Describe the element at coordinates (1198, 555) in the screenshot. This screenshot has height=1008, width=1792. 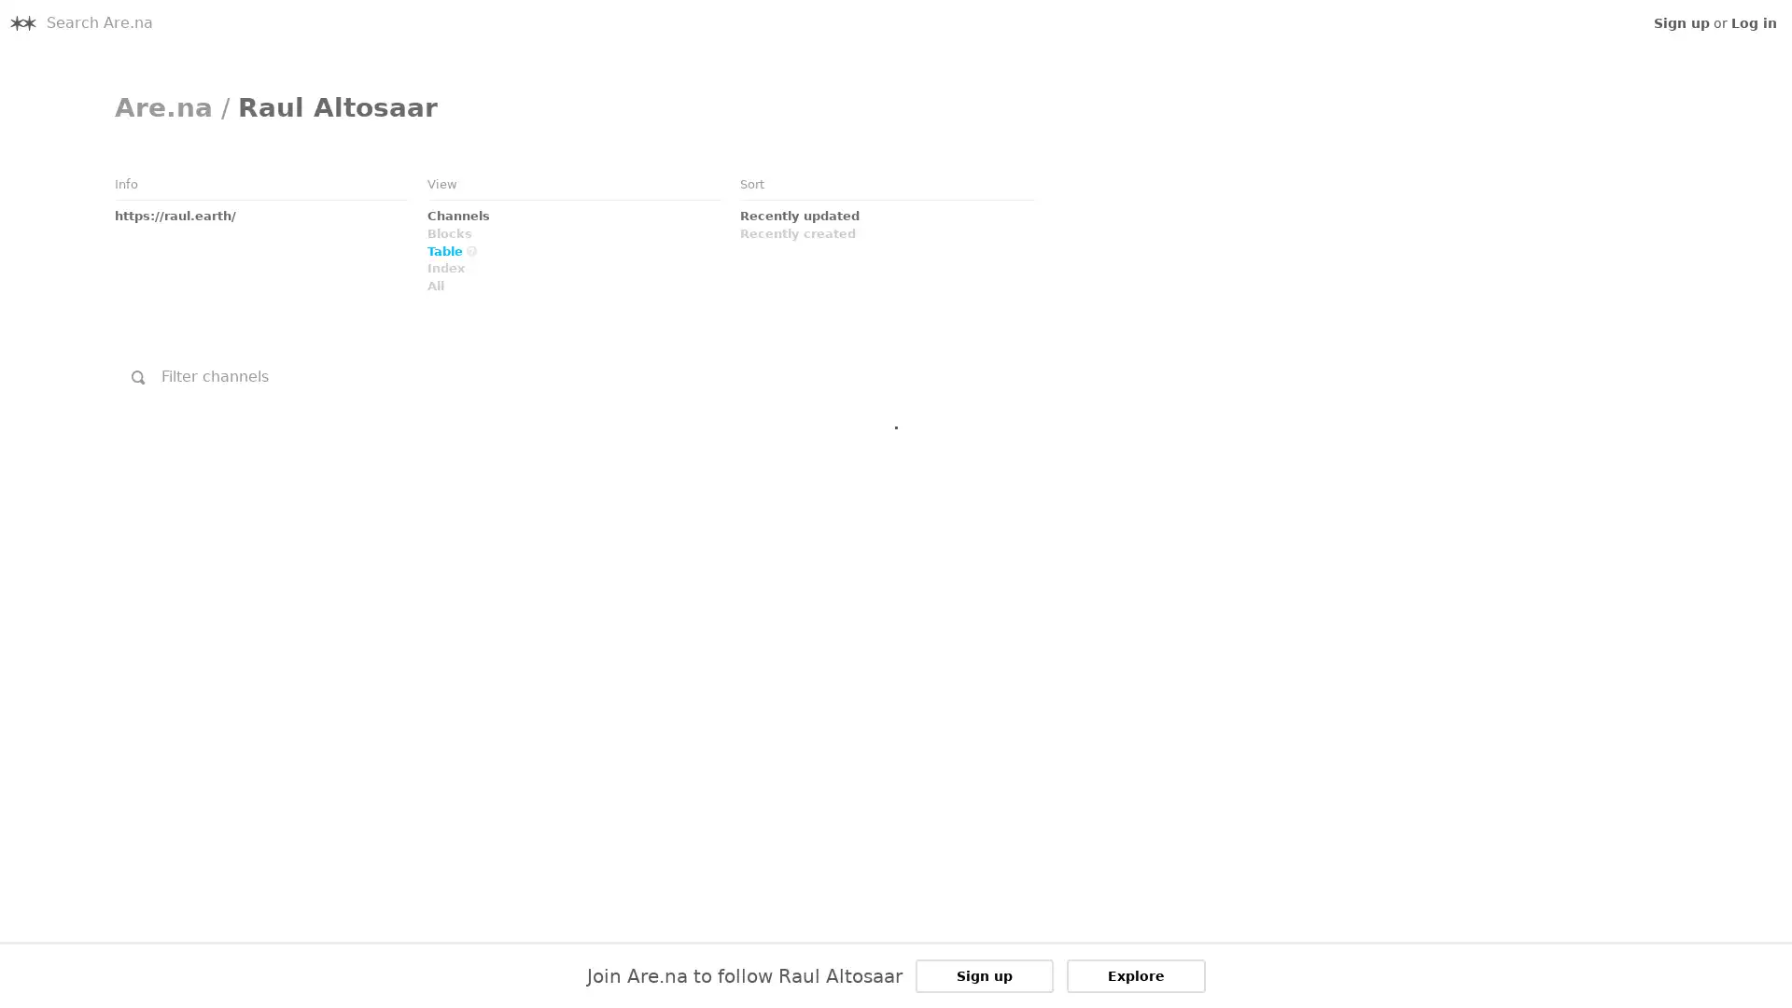
I see `Link to Embed: TAMIO SHIRAISHI &amp; CAMMISA BUERHAUS Performance inside Satsop Nuclear Towers 2/1/2016` at that location.